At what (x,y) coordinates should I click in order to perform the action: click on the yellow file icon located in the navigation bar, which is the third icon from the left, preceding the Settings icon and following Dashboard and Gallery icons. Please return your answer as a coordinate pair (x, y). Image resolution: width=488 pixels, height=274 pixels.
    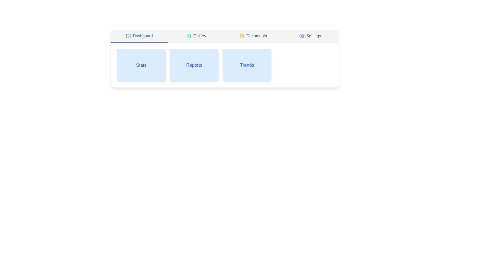
    Looking at the image, I should click on (241, 36).